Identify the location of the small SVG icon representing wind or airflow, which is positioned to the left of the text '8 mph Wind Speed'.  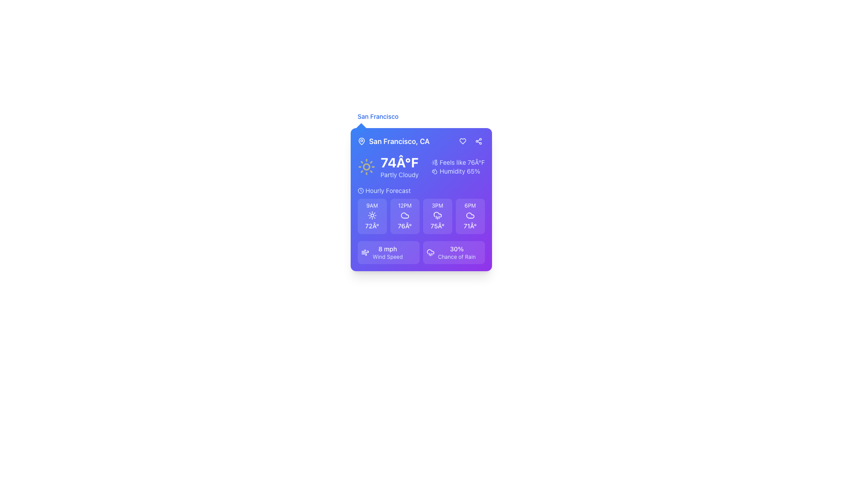
(365, 252).